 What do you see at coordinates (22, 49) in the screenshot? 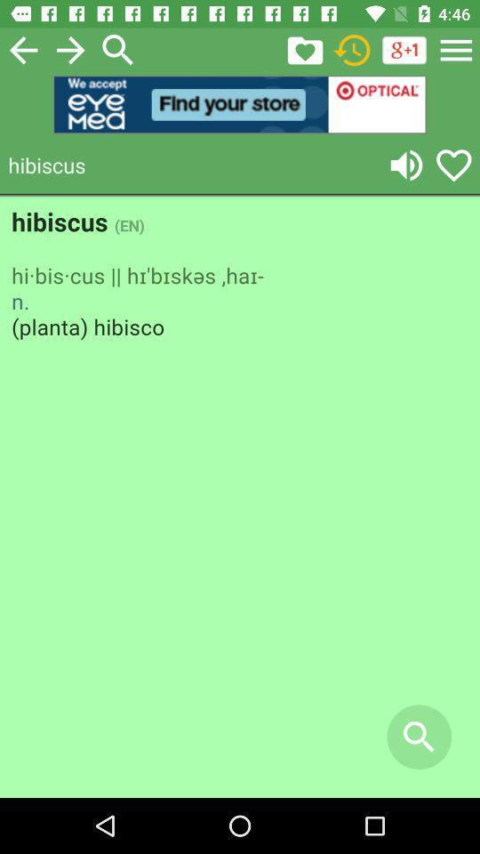
I see `page` at bounding box center [22, 49].